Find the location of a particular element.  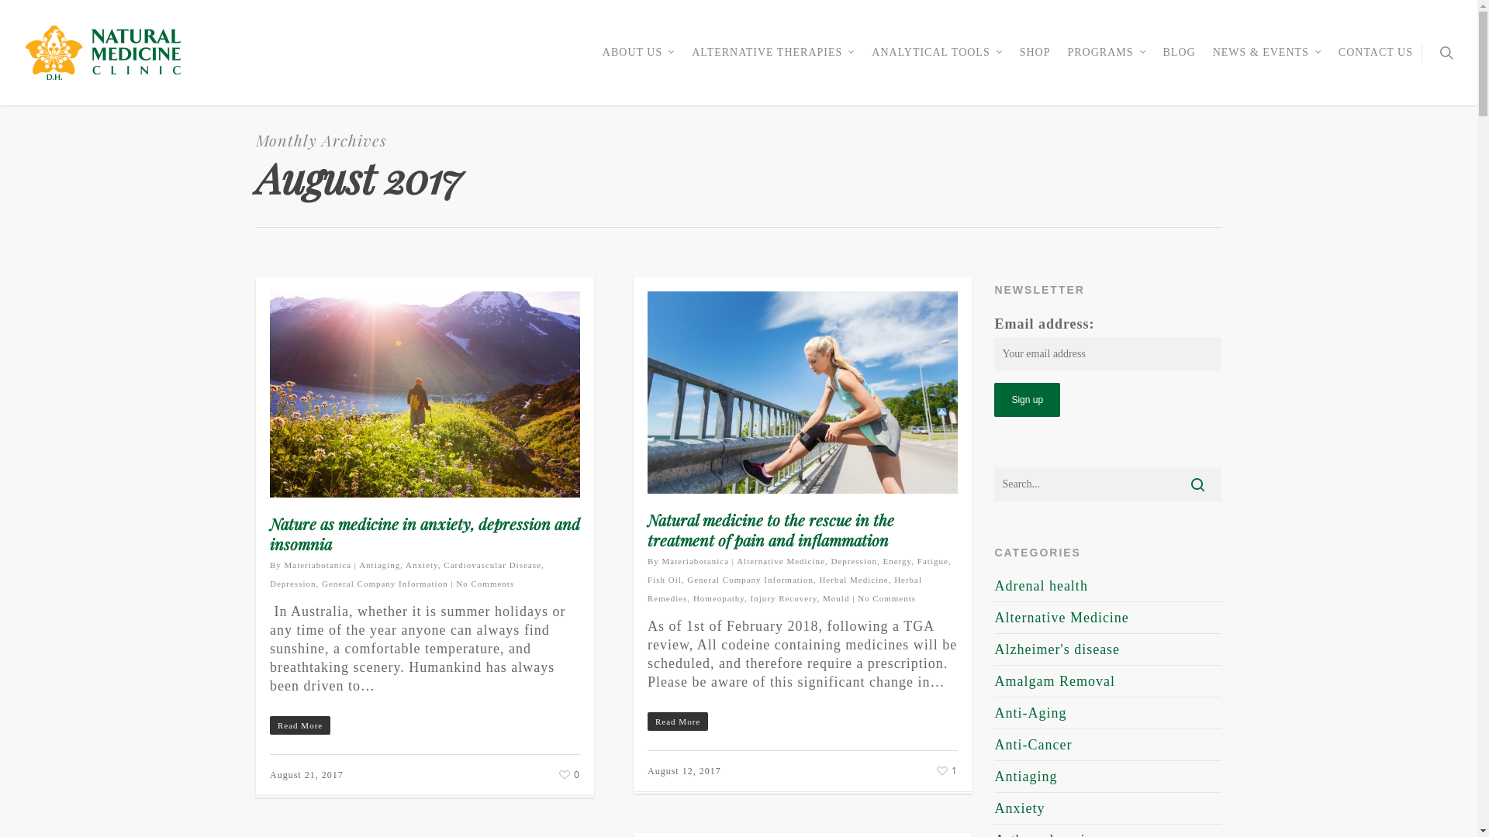

'Herbal Remedies' is located at coordinates (785, 588).